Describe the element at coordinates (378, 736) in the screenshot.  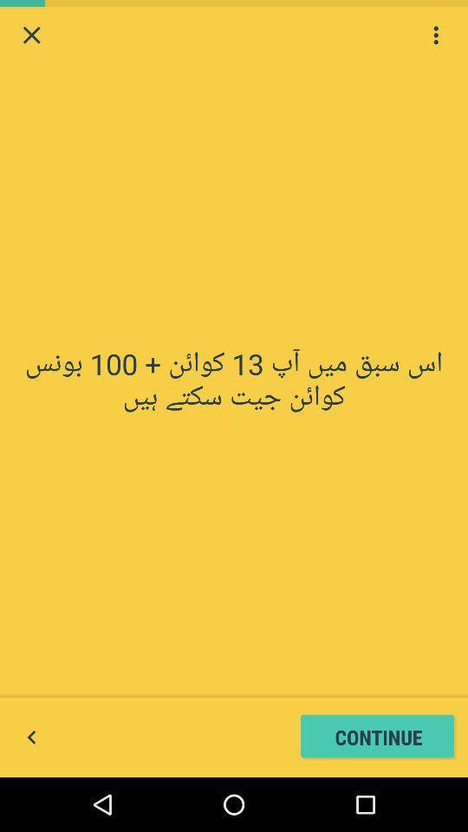
I see `continue button` at that location.